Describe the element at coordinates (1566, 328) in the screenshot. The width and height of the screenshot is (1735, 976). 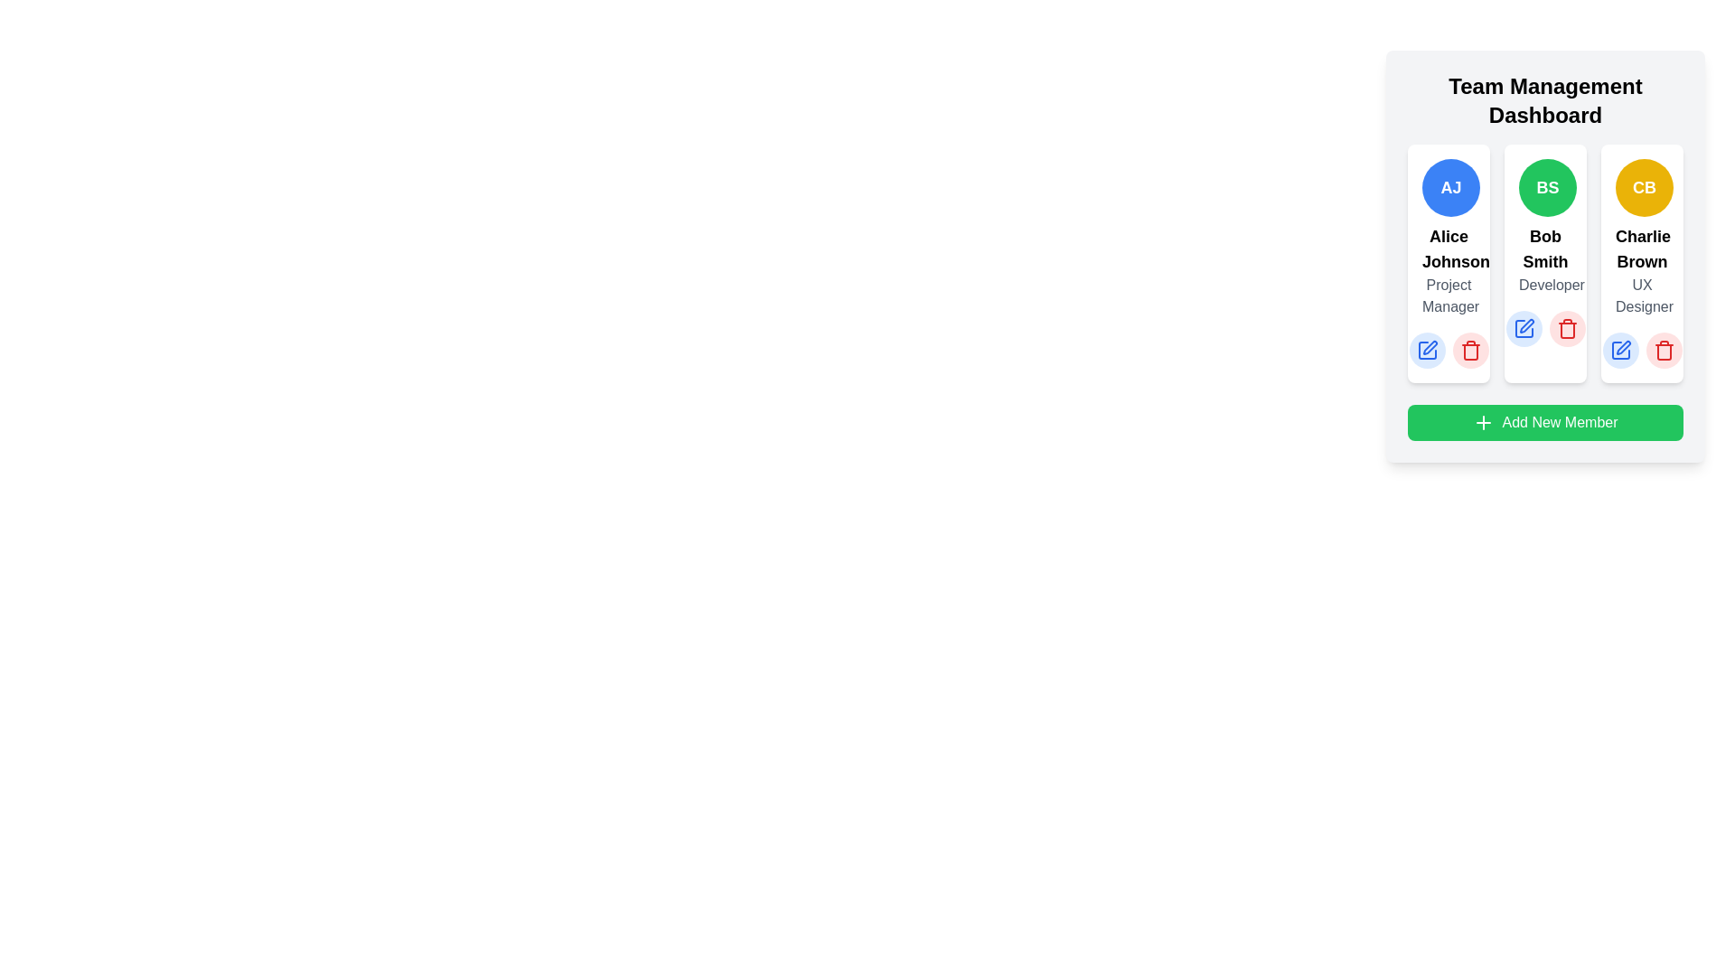
I see `the red circular delete button with a trash can icon located beneath the profile information of 'Bob Smith, Developer' in the 'Team Management Dashboard' section` at that location.